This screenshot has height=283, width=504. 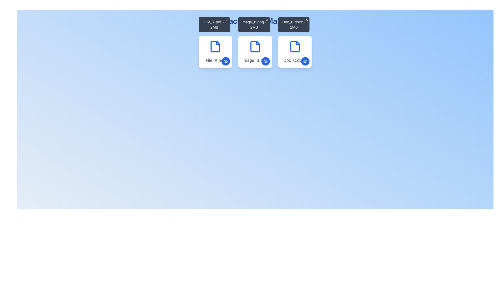 I want to click on the File item labeled 'Image_B.png', so click(x=255, y=52).